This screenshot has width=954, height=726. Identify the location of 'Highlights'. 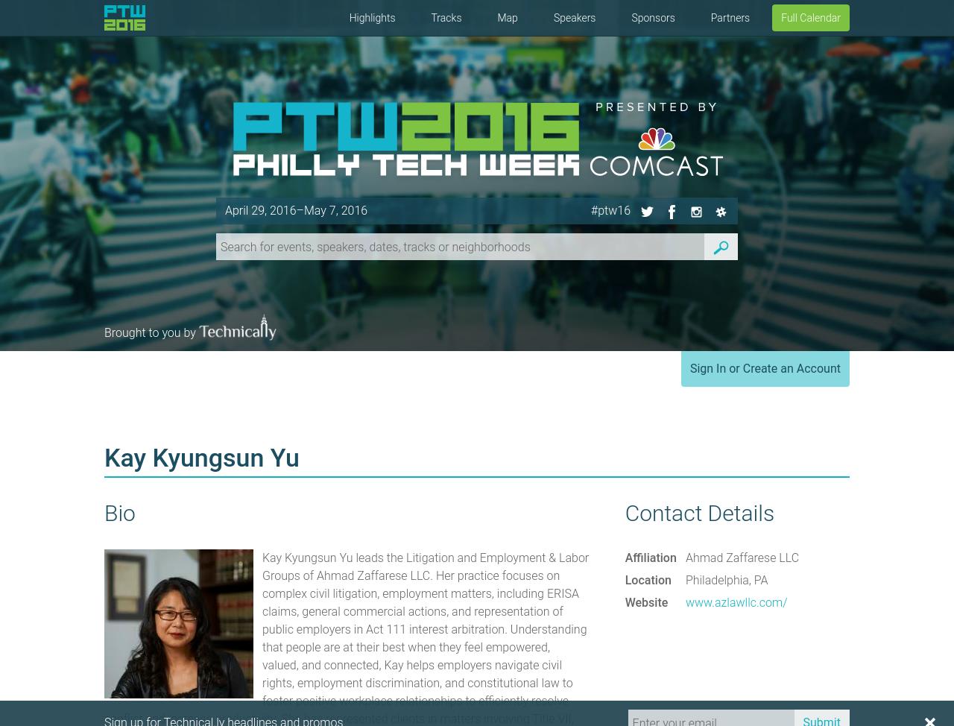
(371, 17).